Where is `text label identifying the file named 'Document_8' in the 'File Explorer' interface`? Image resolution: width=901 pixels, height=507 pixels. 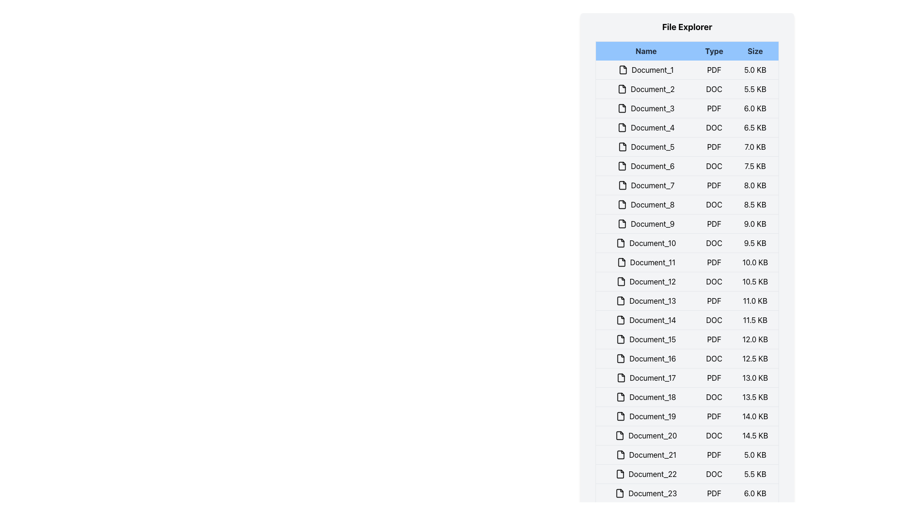 text label identifying the file named 'Document_8' in the 'File Explorer' interface is located at coordinates (646, 204).